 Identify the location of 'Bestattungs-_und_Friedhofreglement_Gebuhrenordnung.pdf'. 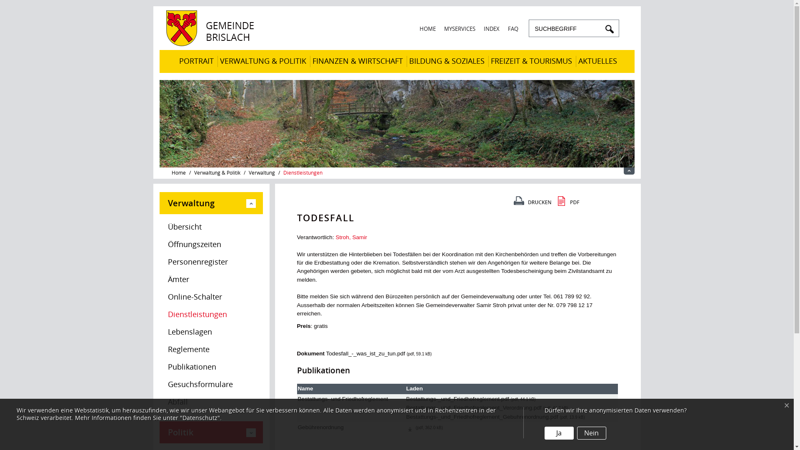
(482, 417).